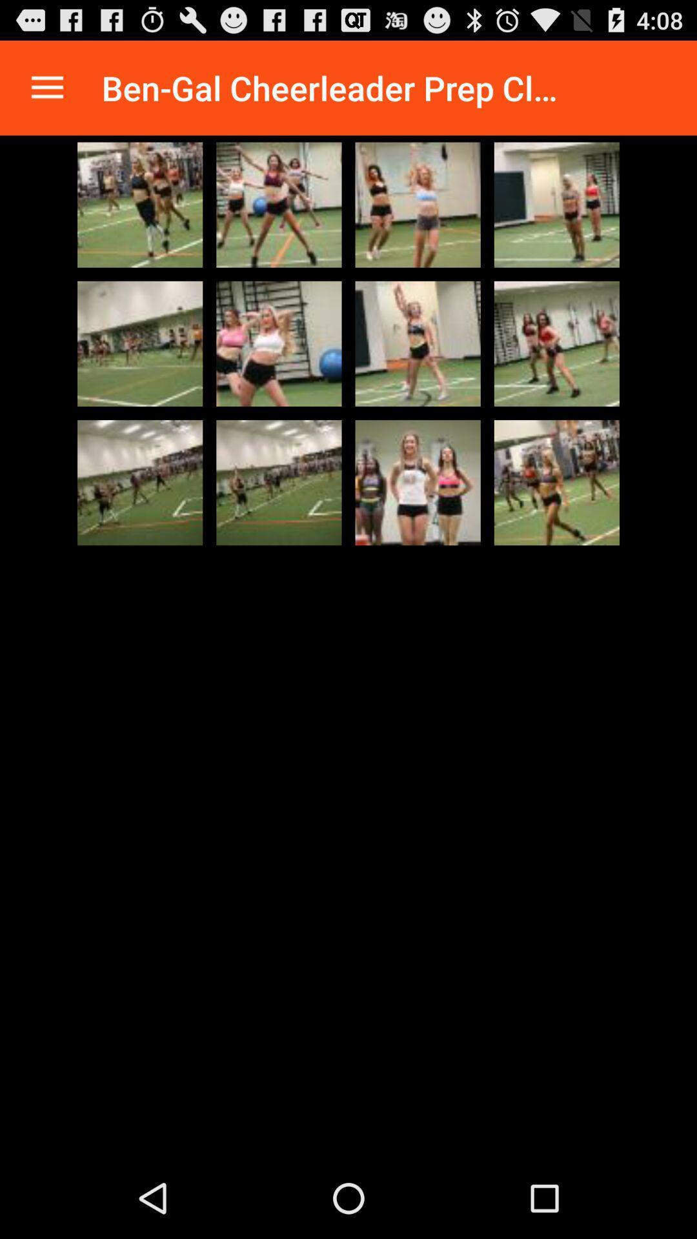 Image resolution: width=697 pixels, height=1239 pixels. Describe the element at coordinates (140, 482) in the screenshot. I see `expand picture` at that location.